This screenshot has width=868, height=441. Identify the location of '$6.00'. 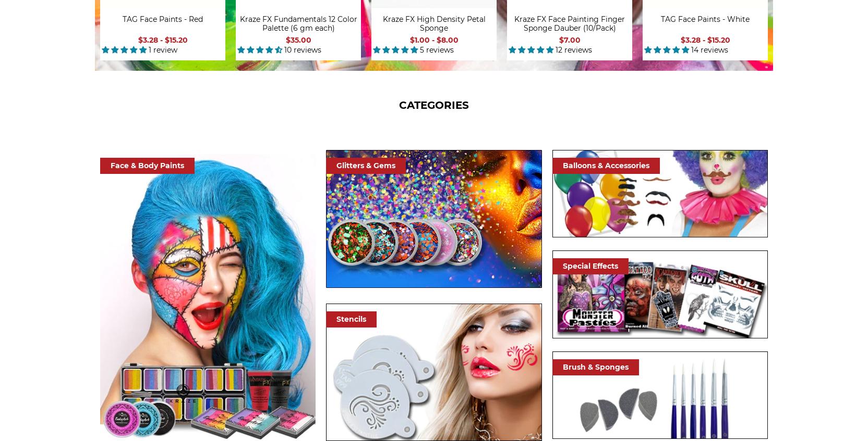
(817, 39).